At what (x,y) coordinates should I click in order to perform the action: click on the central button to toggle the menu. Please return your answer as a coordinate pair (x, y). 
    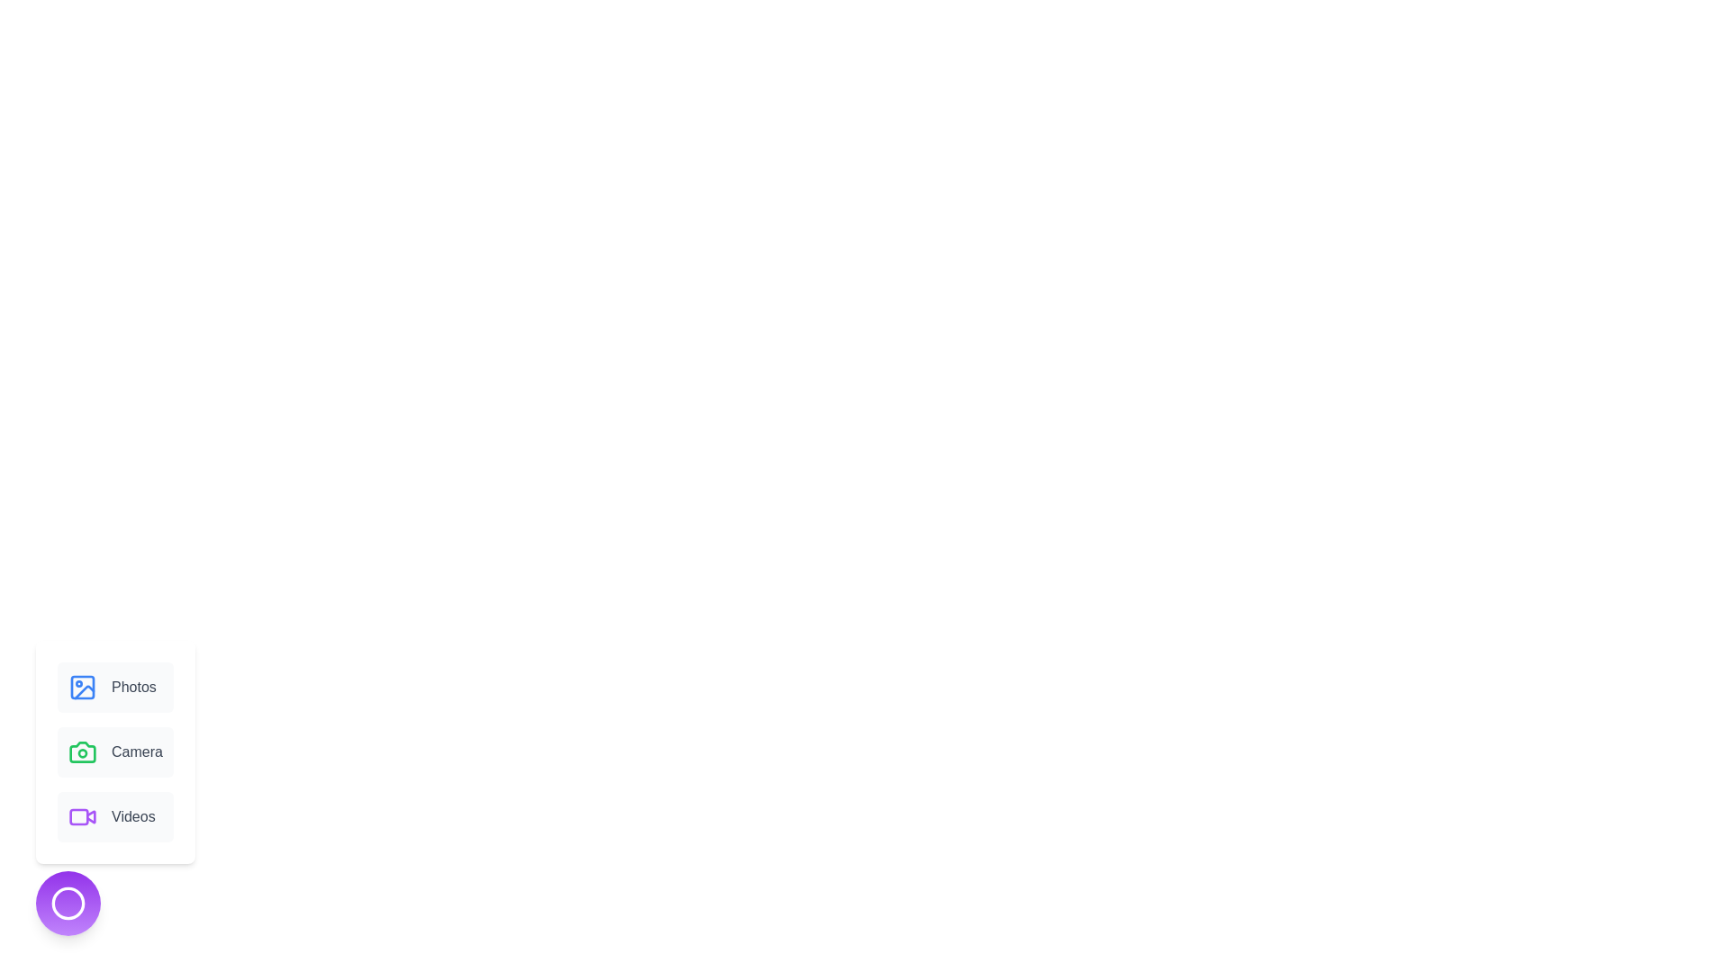
    Looking at the image, I should click on (68, 903).